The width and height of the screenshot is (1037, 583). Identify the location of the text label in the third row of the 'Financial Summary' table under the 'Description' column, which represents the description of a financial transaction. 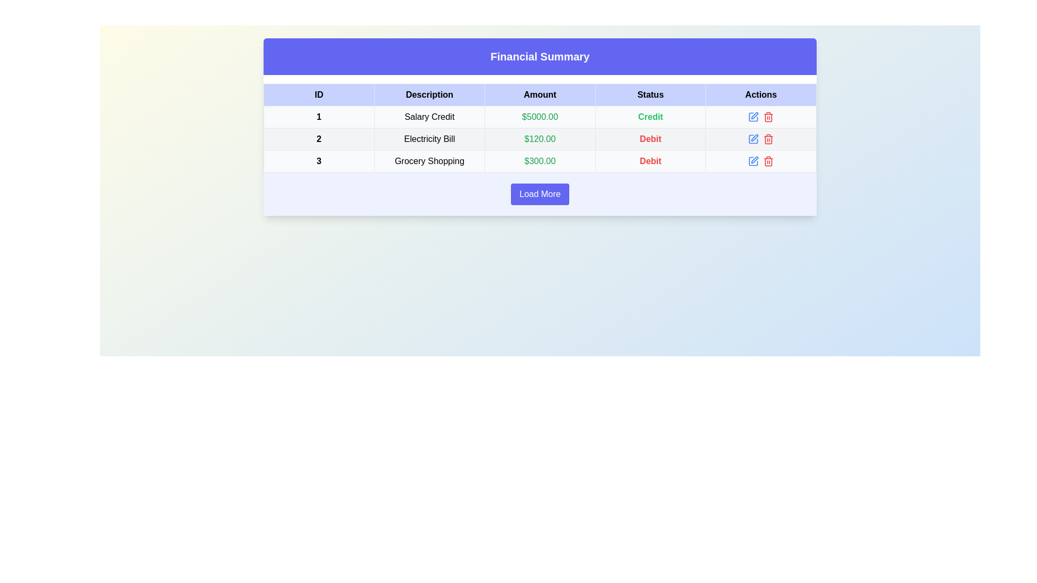
(429, 161).